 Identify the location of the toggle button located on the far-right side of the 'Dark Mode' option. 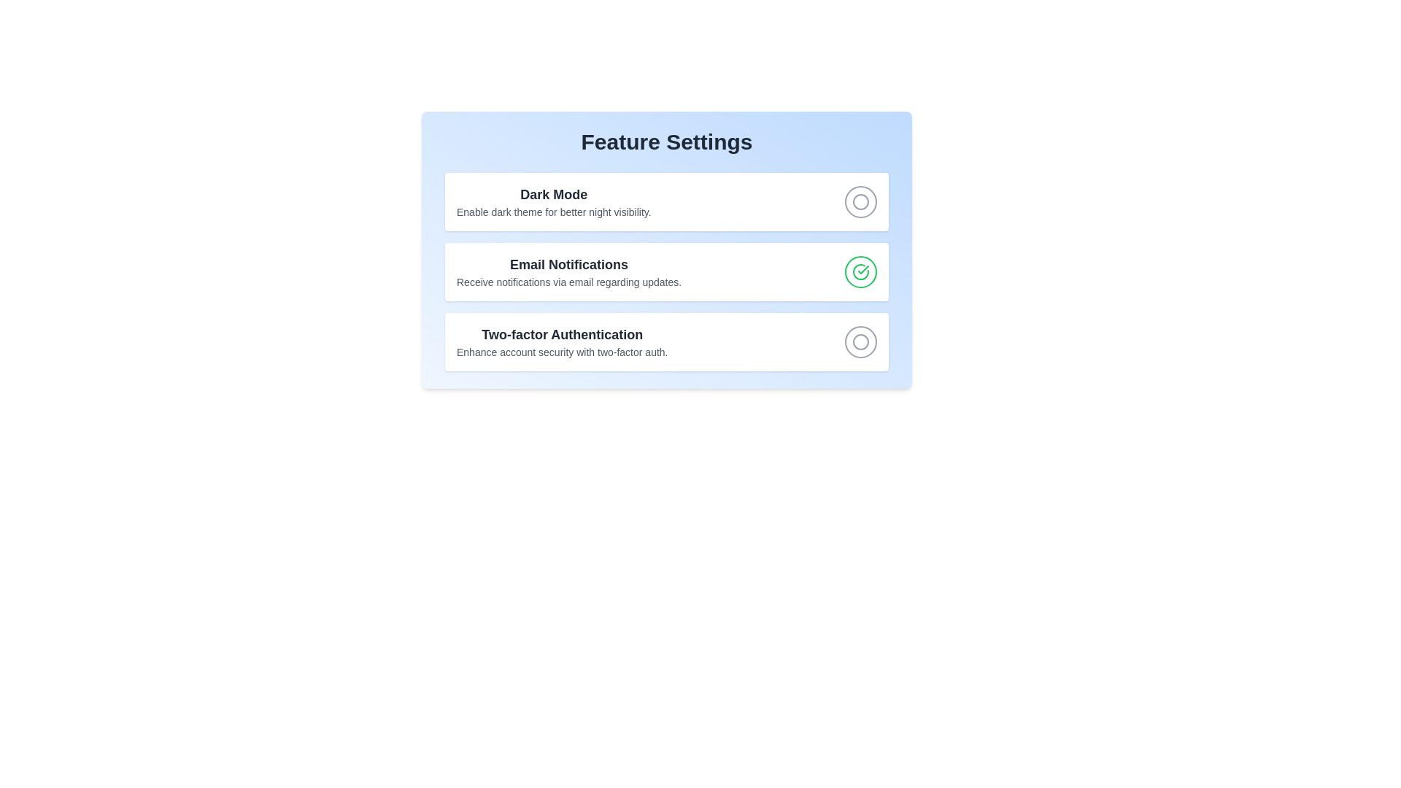
(861, 202).